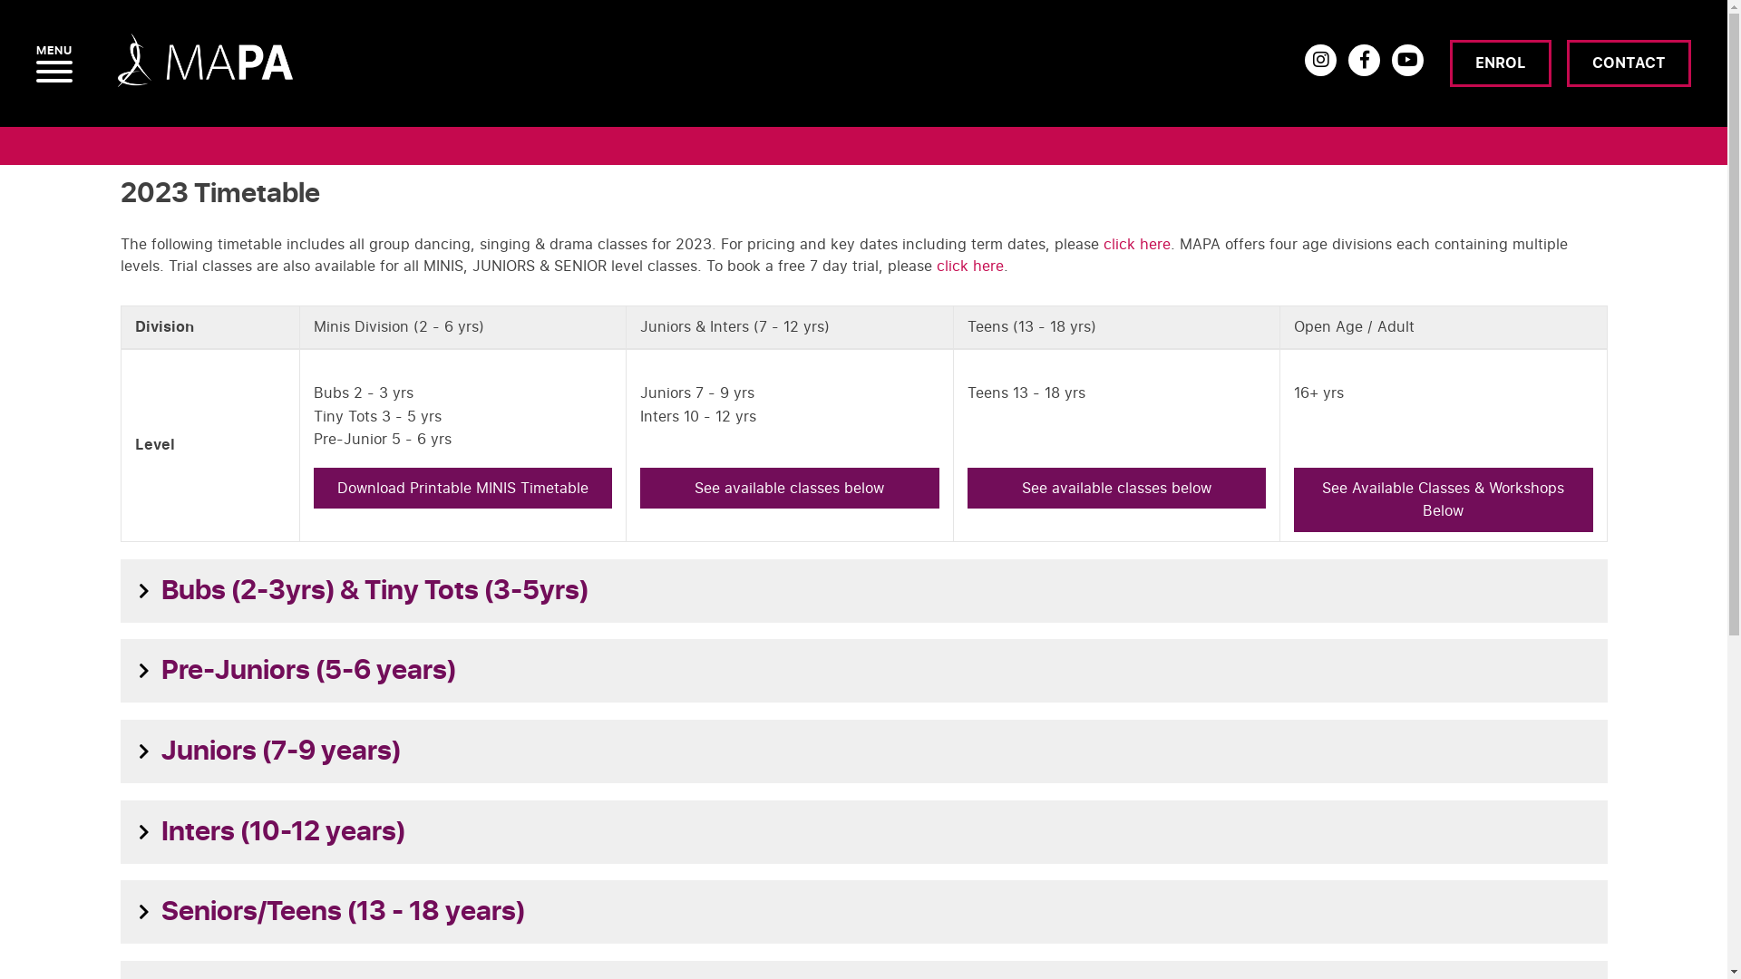 Image resolution: width=1741 pixels, height=979 pixels. I want to click on 'Follow us on Instagram', so click(1320, 59).